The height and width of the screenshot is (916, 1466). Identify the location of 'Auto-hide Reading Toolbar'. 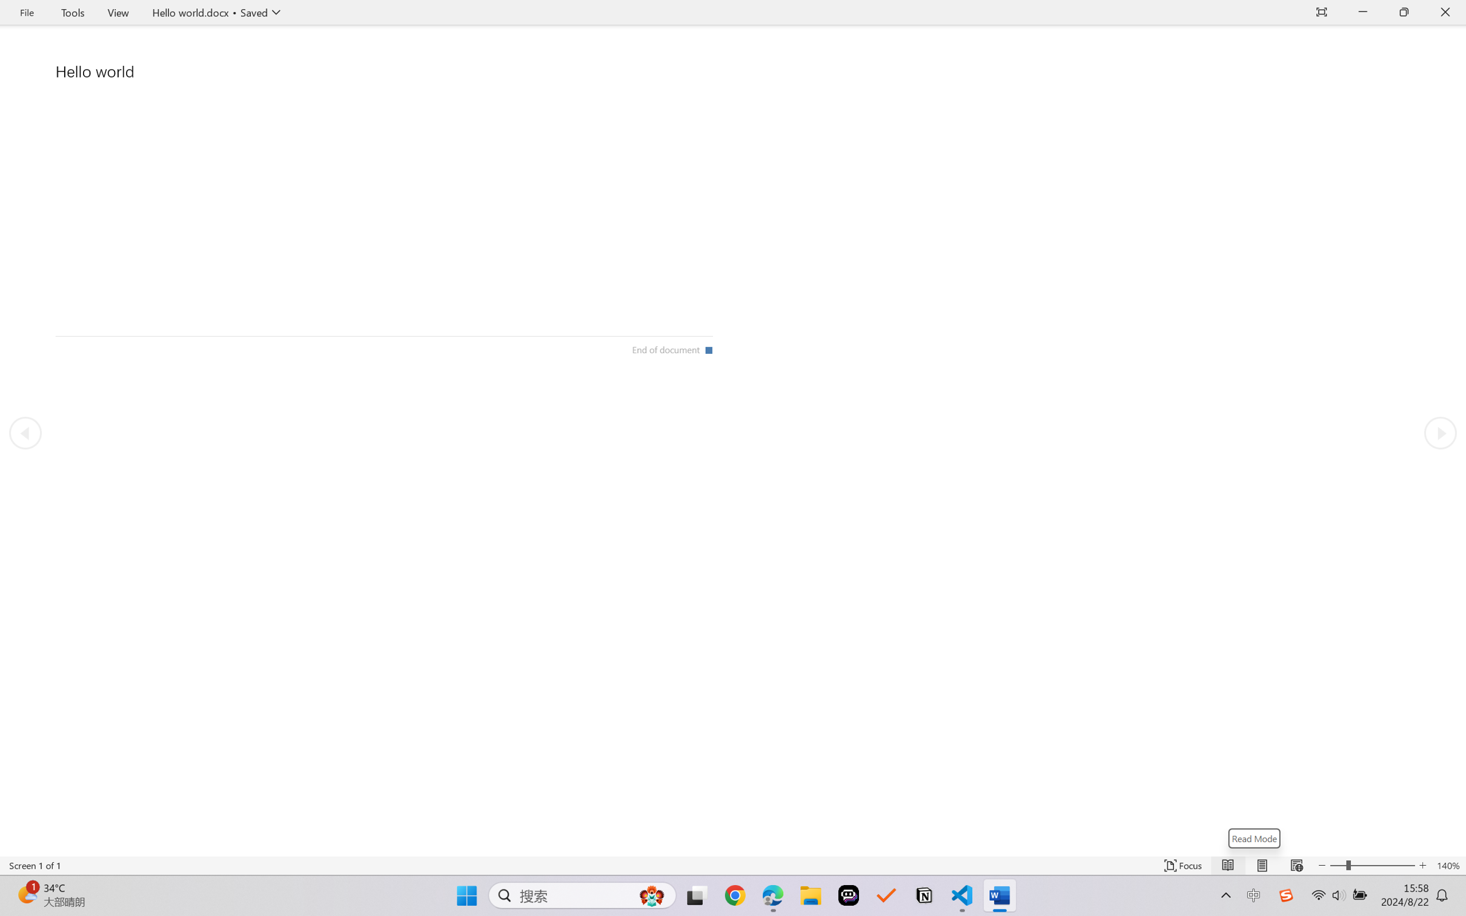
(1322, 12).